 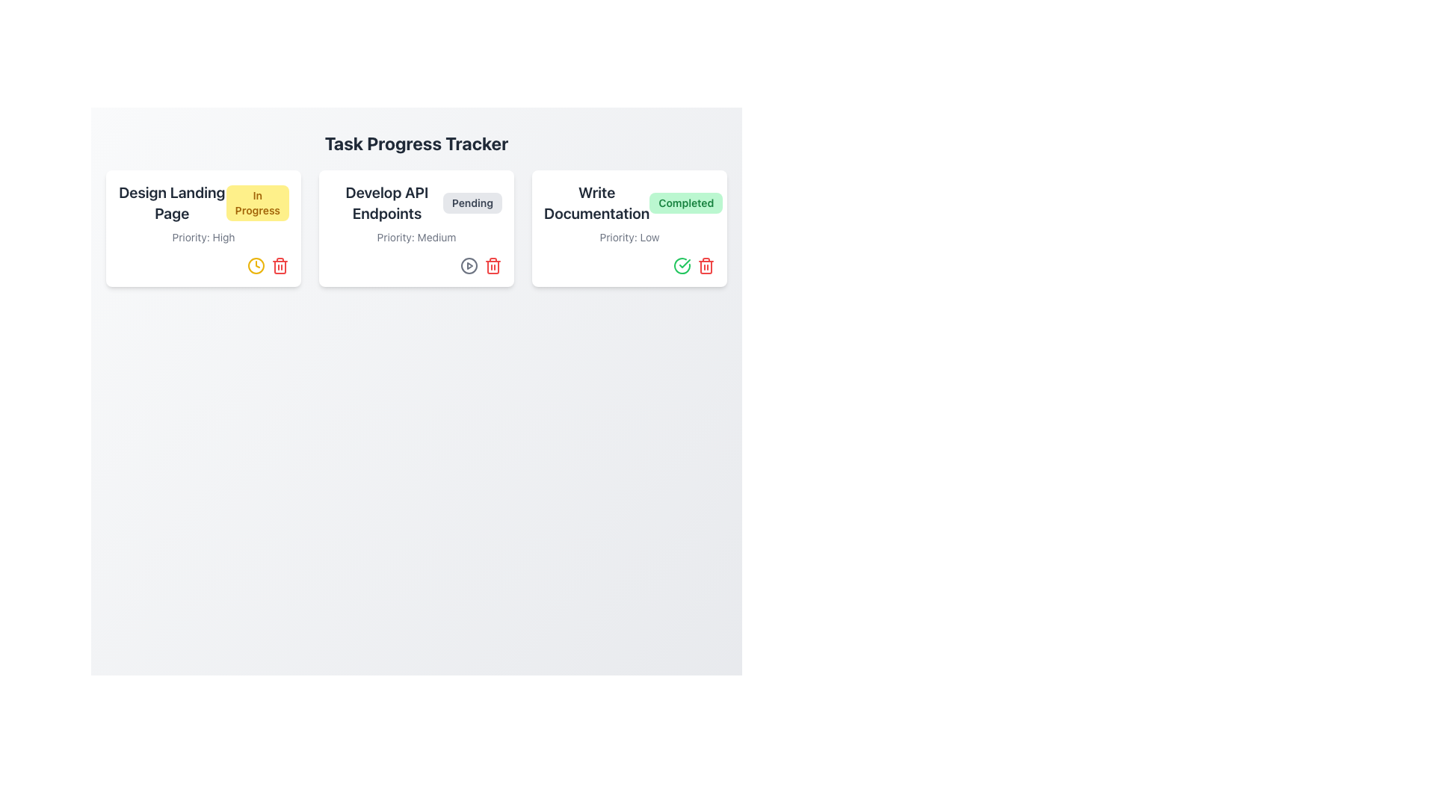 What do you see at coordinates (685, 203) in the screenshot?
I see `the green badge labeled 'Completed', which is located at the top-right corner of the 'Write Documentation' task card` at bounding box center [685, 203].